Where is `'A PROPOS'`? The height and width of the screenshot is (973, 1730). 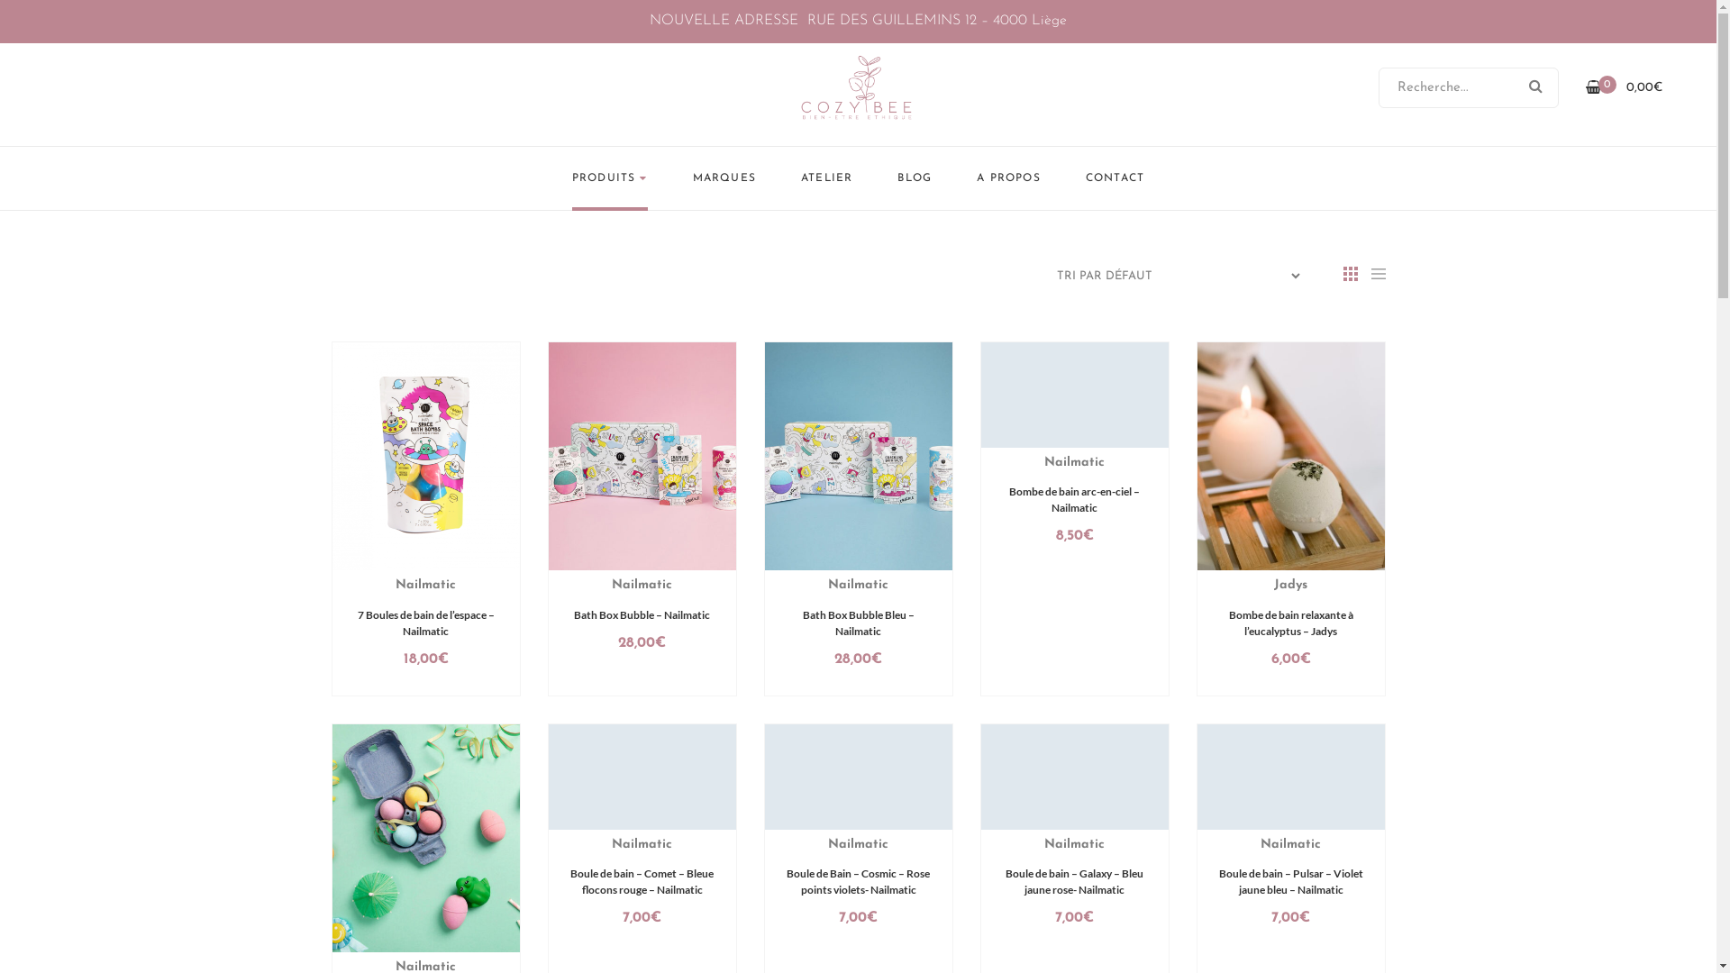
'A PROPOS' is located at coordinates (976, 177).